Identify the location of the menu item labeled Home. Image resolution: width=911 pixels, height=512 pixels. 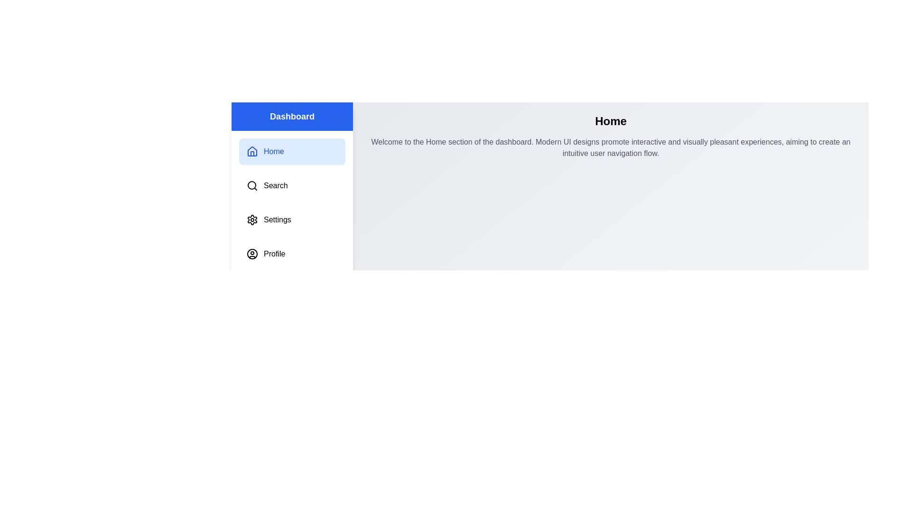
(291, 151).